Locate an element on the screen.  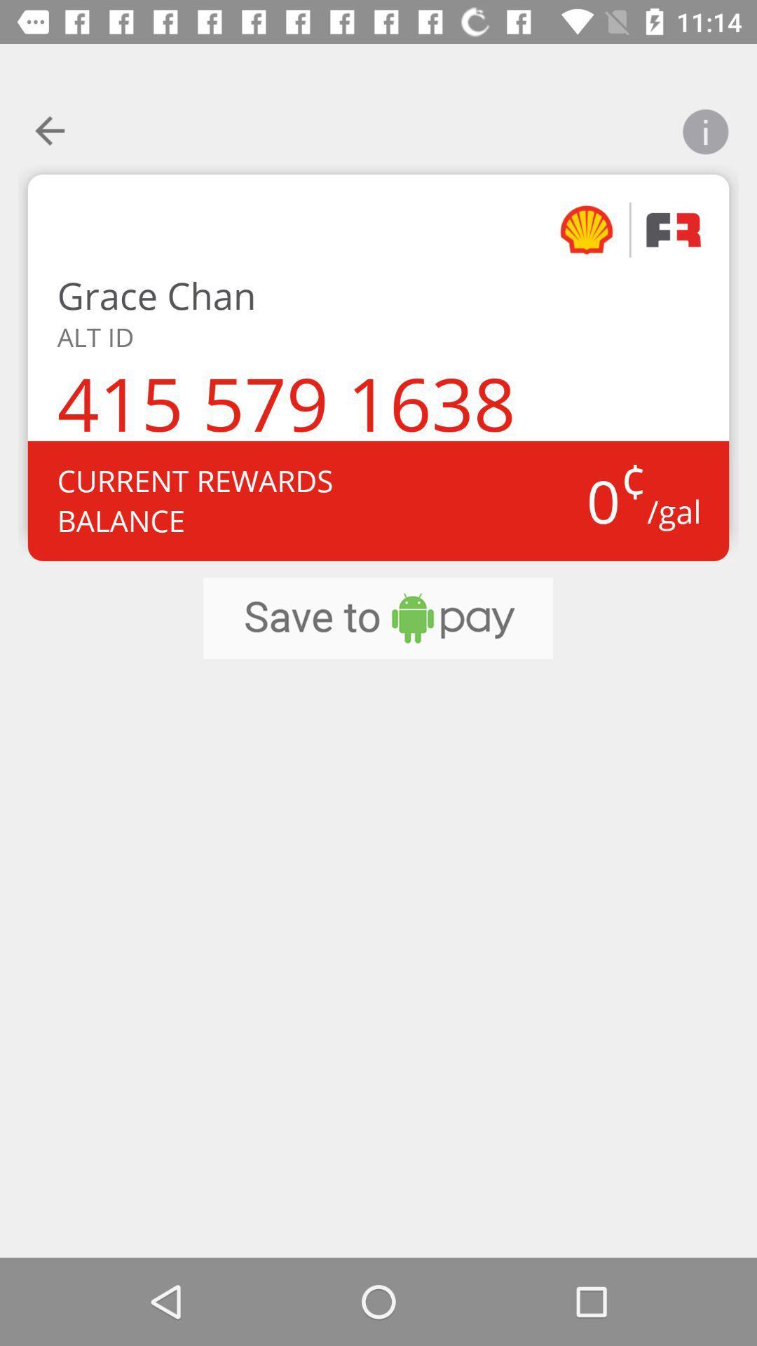
information button is located at coordinates (705, 123).